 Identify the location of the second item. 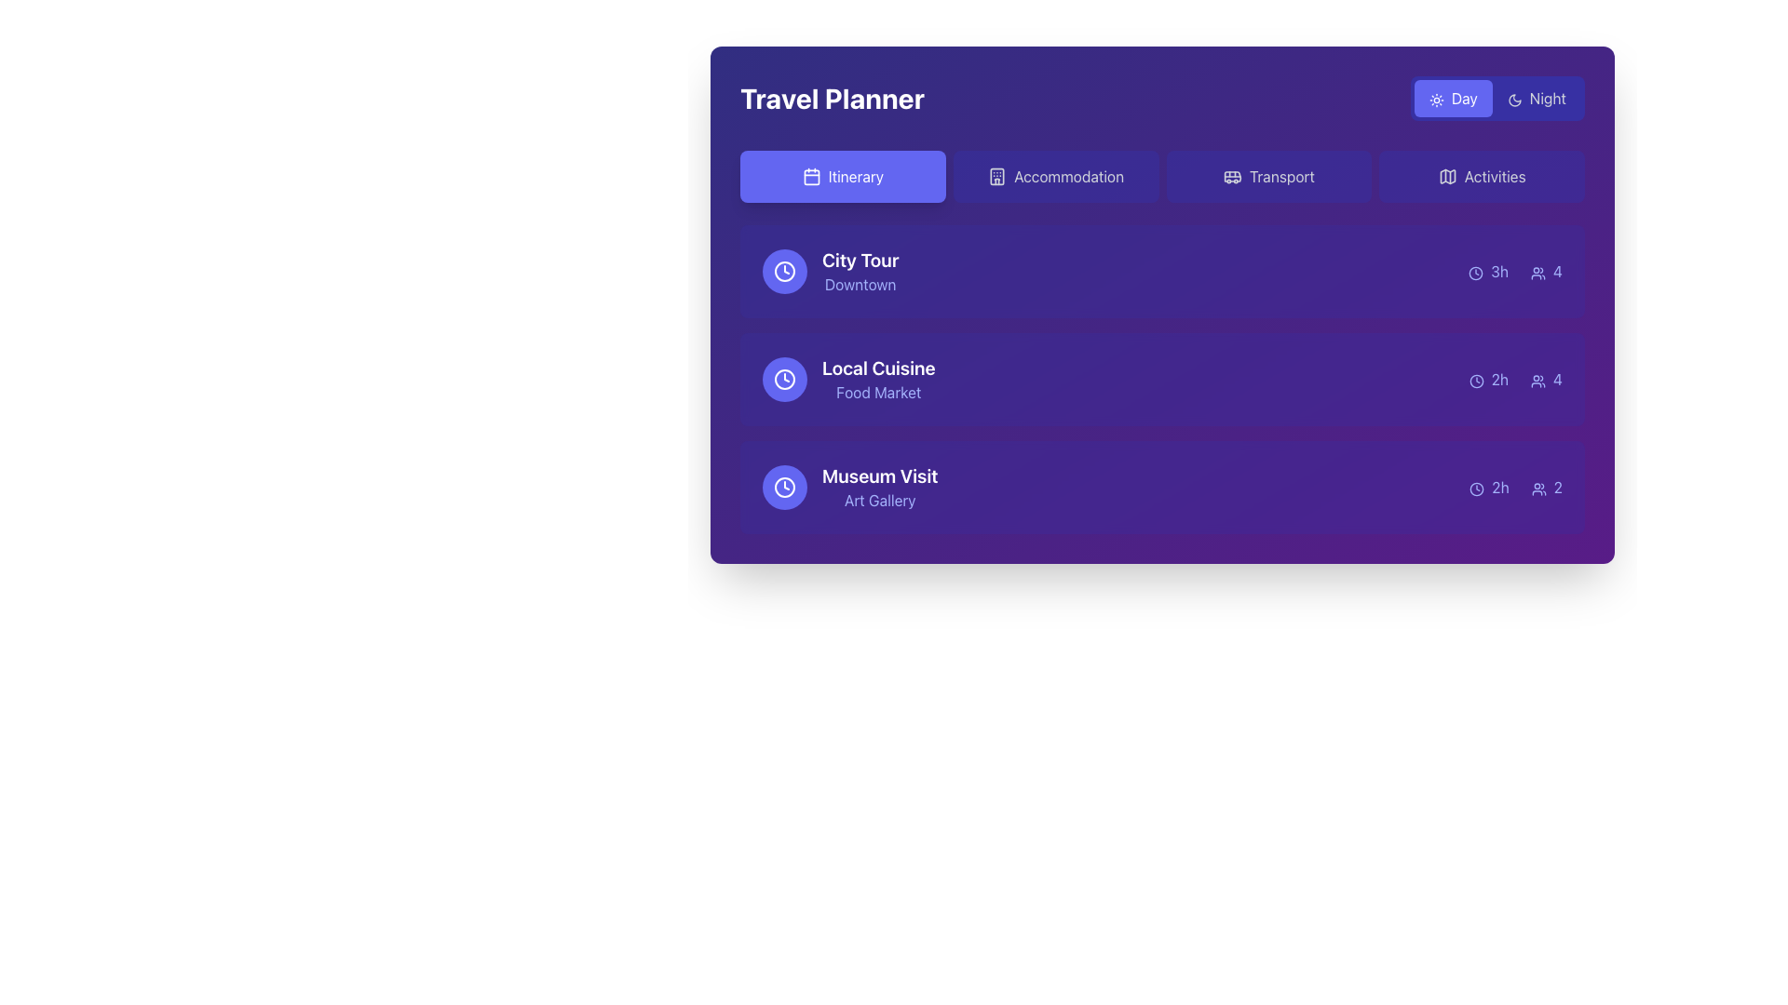
(1161, 379).